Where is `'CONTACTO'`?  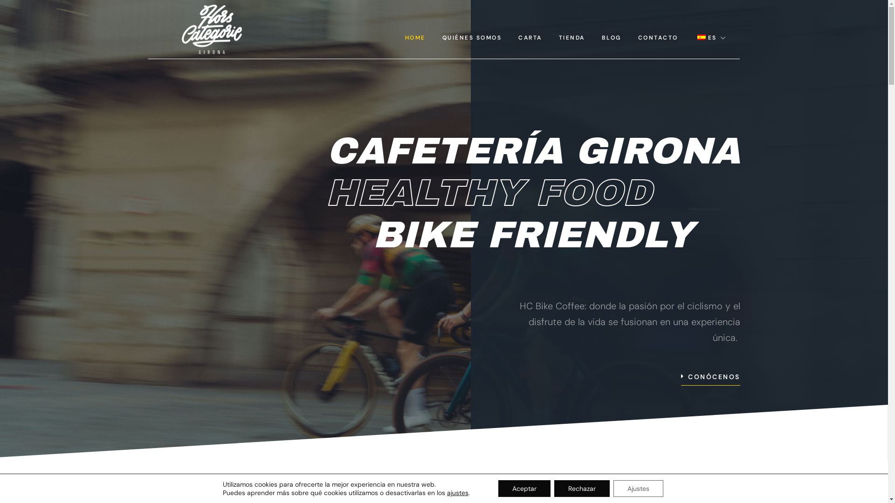
'CONTACTO' is located at coordinates (657, 37).